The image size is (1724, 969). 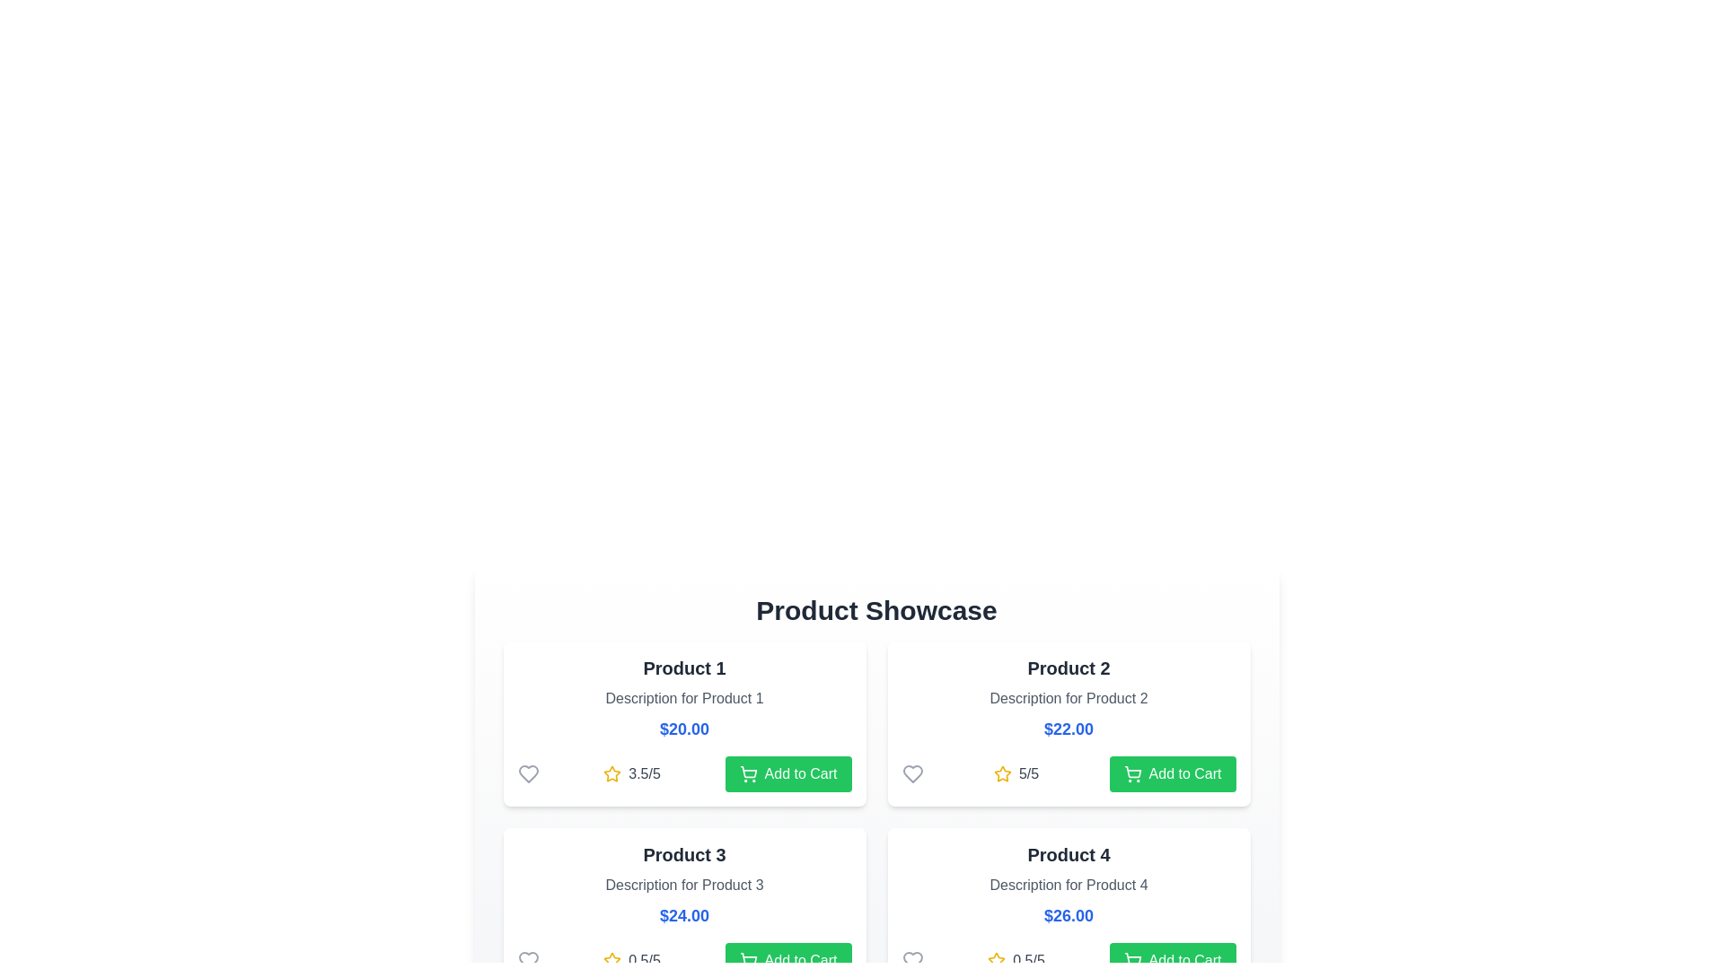 What do you see at coordinates (1172, 773) in the screenshot?
I see `the green 'Add to Cart' button with white text and a shopping cart icon located at the bottom-right corner of the card for 'Product 2'` at bounding box center [1172, 773].